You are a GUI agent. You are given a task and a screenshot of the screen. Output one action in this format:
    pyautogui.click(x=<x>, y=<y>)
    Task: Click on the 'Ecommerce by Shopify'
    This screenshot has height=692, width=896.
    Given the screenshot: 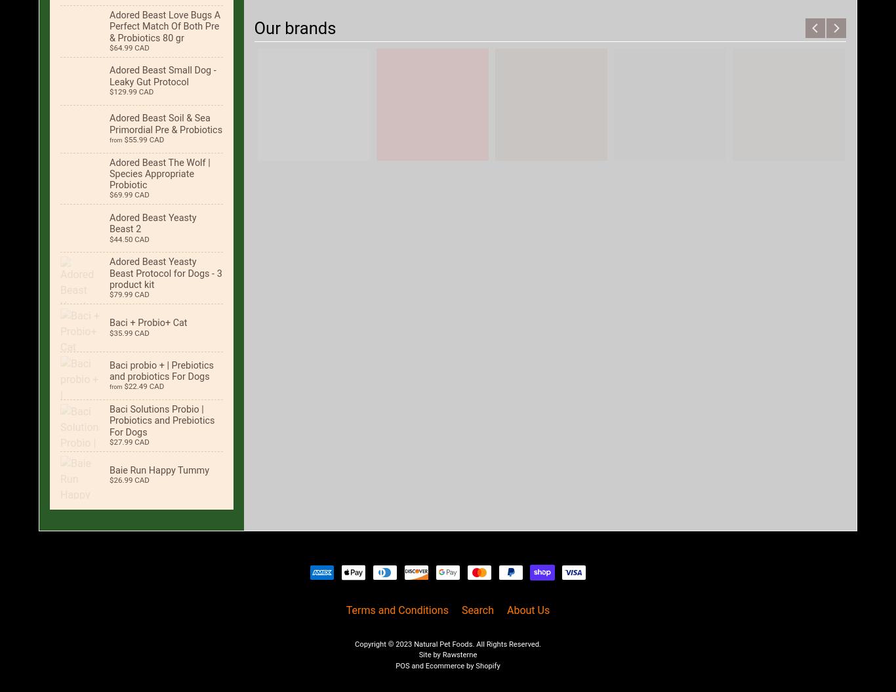 What is the action you would take?
    pyautogui.click(x=424, y=665)
    